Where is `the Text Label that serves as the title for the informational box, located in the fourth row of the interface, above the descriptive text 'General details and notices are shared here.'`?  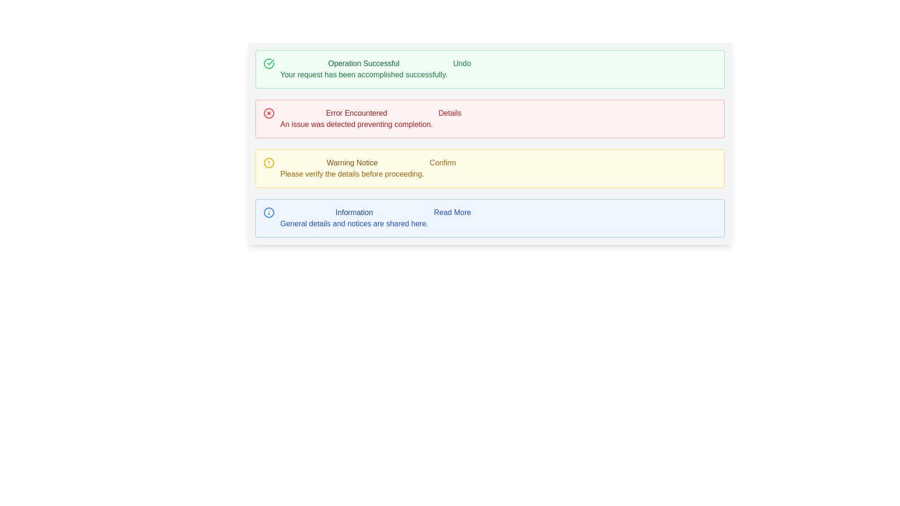
the Text Label that serves as the title for the informational box, located in the fourth row of the interface, above the descriptive text 'General details and notices are shared here.' is located at coordinates (353, 213).